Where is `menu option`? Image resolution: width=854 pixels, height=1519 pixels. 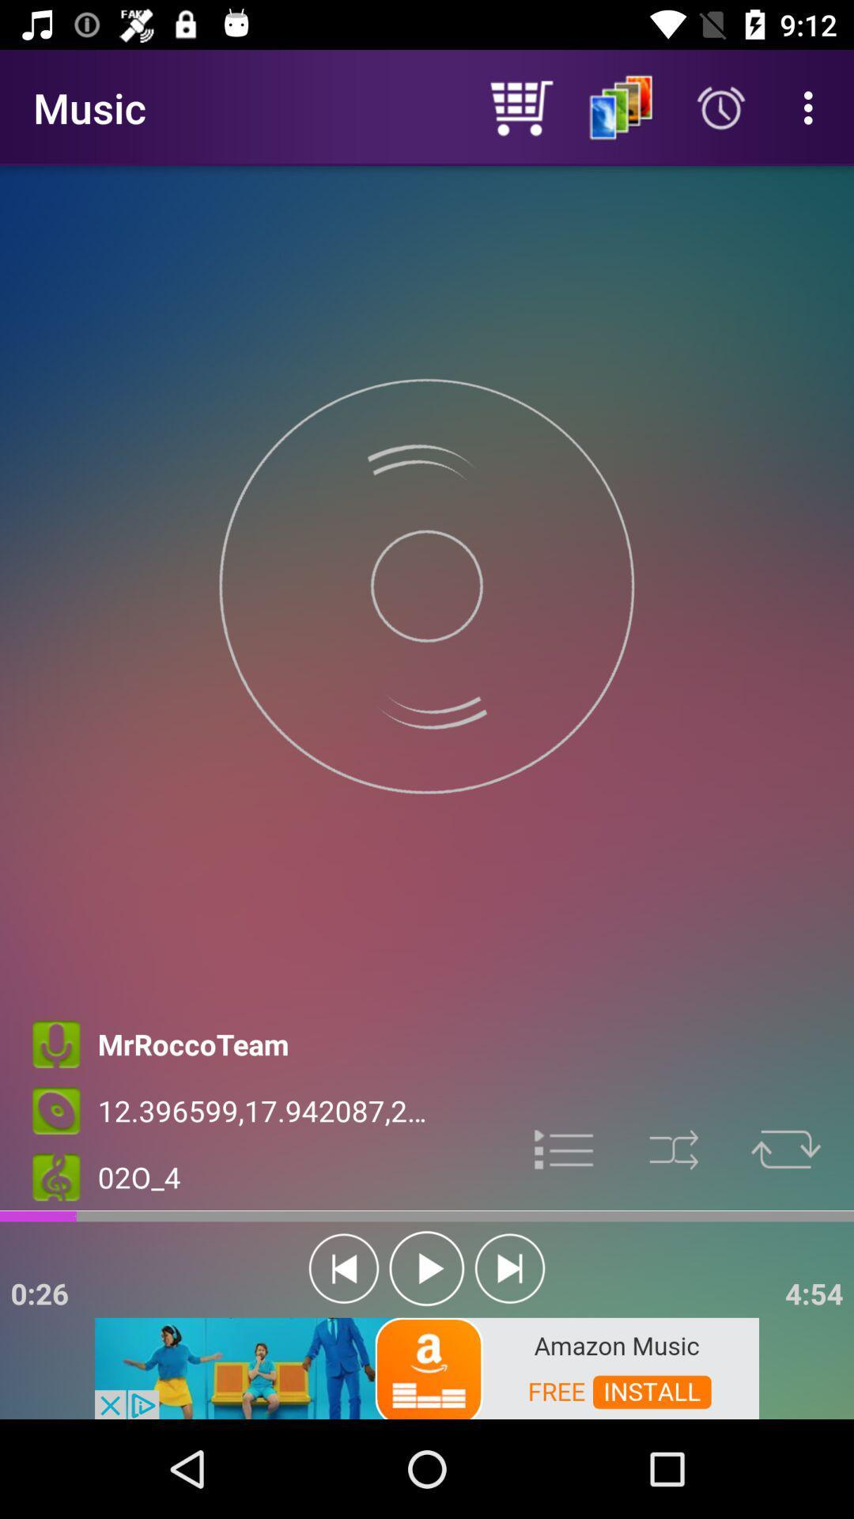 menu option is located at coordinates (564, 1148).